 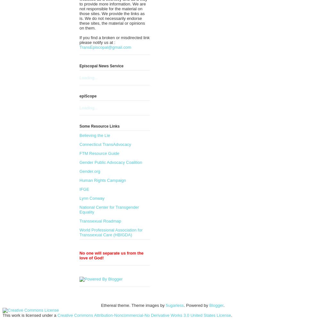 I want to click on 'If you find a broken or misdirected link please notify us at :', so click(x=79, y=40).